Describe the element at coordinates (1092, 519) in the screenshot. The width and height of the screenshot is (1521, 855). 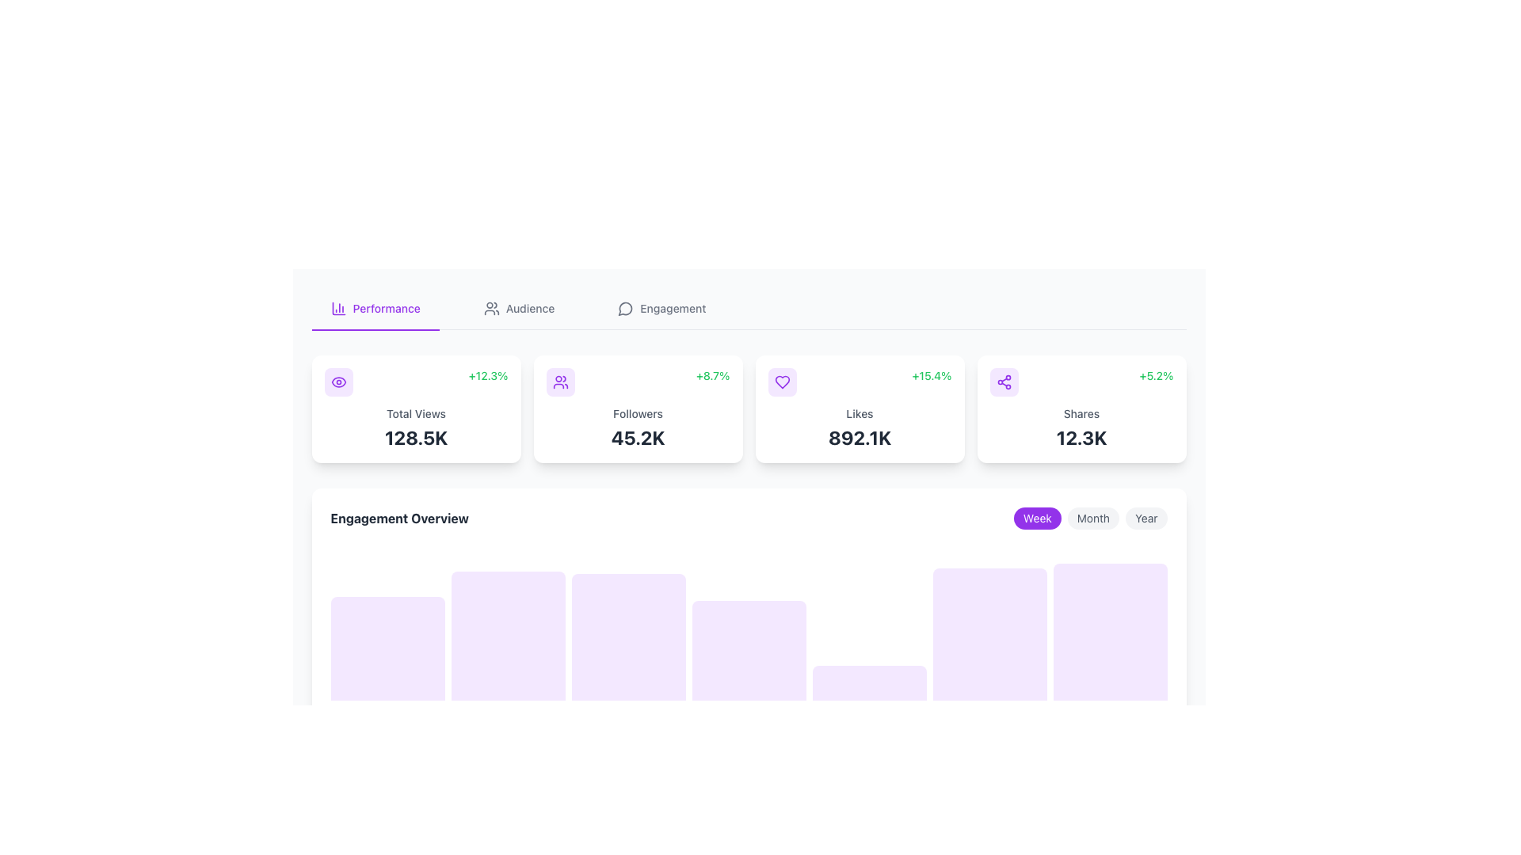
I see `the 'Month' button located between the 'Week' and 'Year' buttons in the top-right corner of the engagement chart to trigger hover styling effects` at that location.